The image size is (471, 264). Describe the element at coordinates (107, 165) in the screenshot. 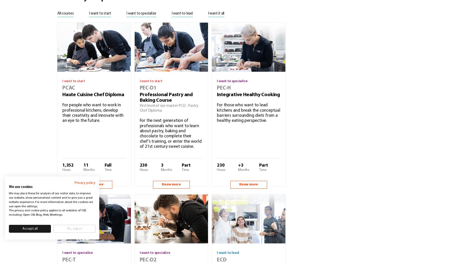

I see `'Full'` at that location.